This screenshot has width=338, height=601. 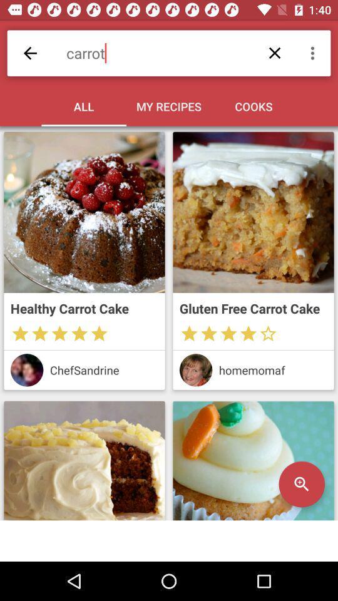 What do you see at coordinates (84, 460) in the screenshot?
I see `cake image` at bounding box center [84, 460].